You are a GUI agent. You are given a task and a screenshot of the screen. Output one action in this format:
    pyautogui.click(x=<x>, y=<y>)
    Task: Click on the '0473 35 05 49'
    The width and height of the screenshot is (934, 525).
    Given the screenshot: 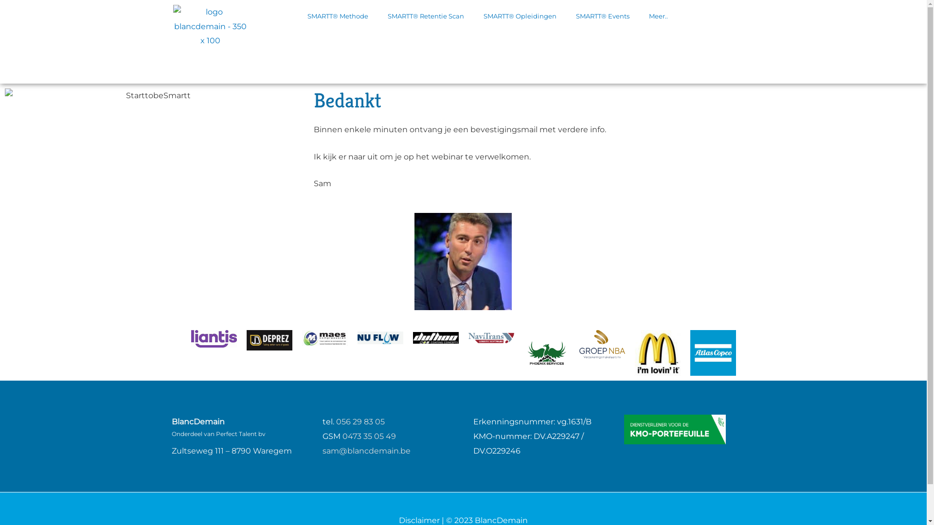 What is the action you would take?
    pyautogui.click(x=342, y=436)
    